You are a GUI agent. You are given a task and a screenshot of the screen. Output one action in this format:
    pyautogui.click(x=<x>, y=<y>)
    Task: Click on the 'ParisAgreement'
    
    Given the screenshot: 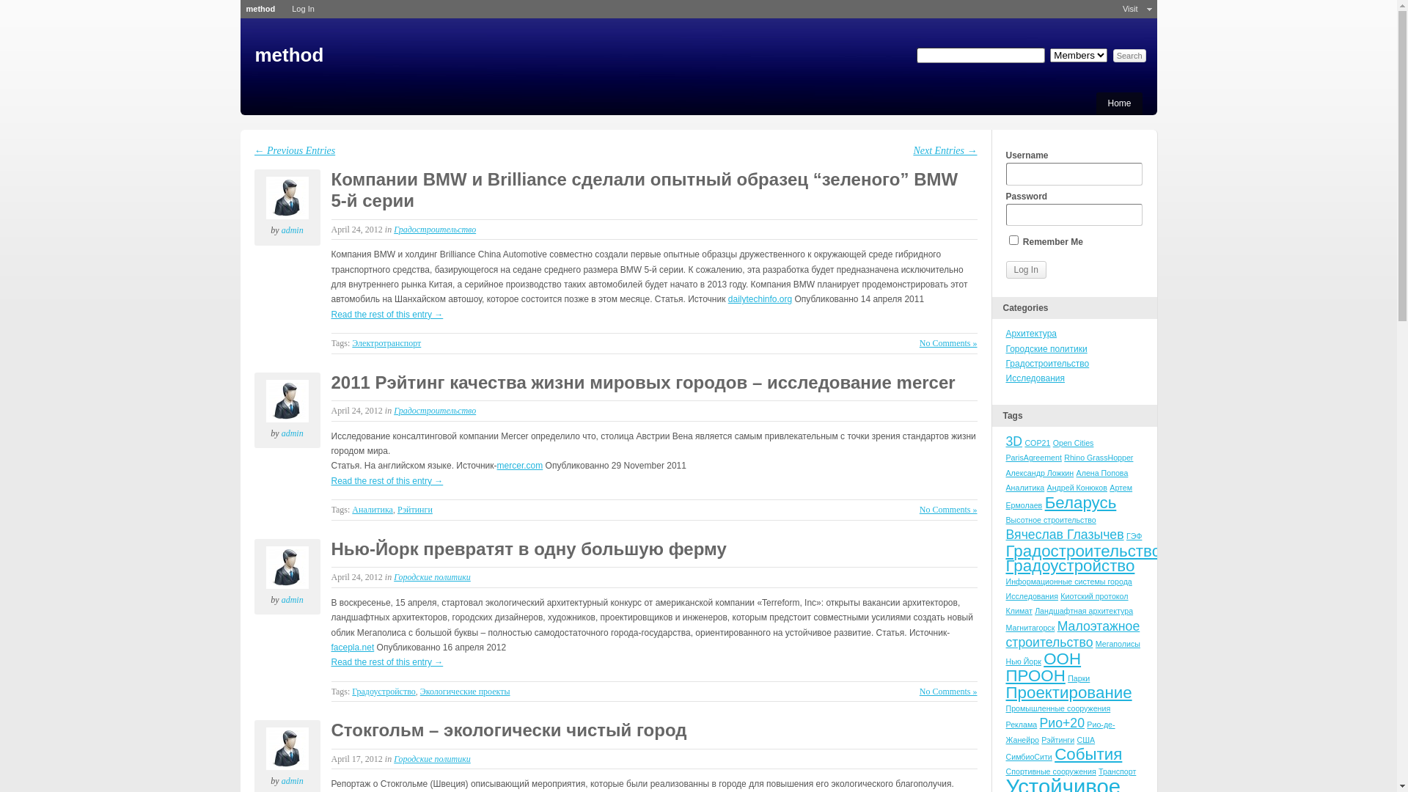 What is the action you would take?
    pyautogui.click(x=1033, y=457)
    